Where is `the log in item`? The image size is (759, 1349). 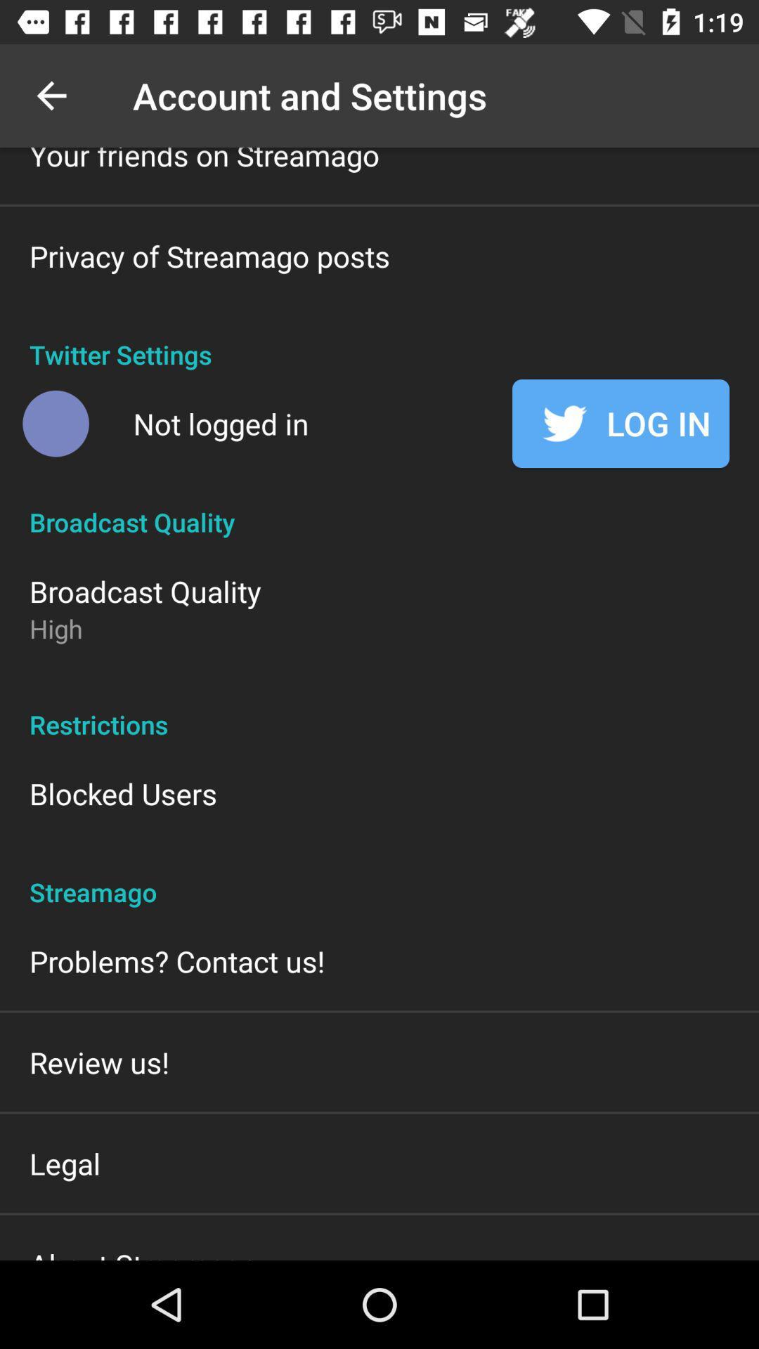
the log in item is located at coordinates (620, 423).